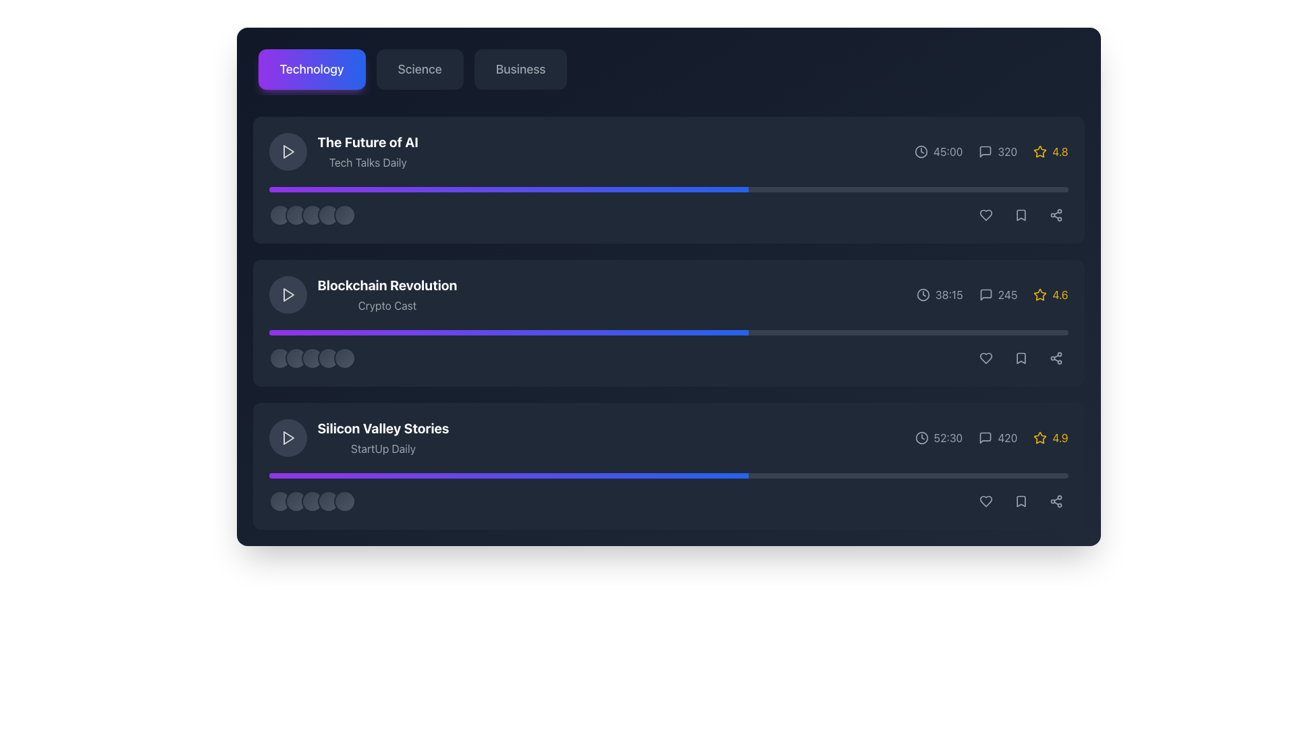  I want to click on the circular share button located at the far-right end of the button group, which is represented by a light gray share icon and changes color on hover, so click(1055, 502).